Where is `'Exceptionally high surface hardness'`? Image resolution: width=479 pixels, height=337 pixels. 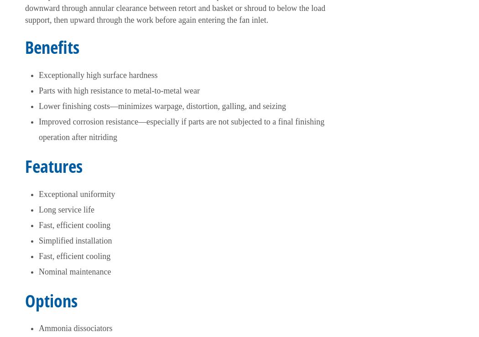 'Exceptionally high surface hardness' is located at coordinates (98, 74).